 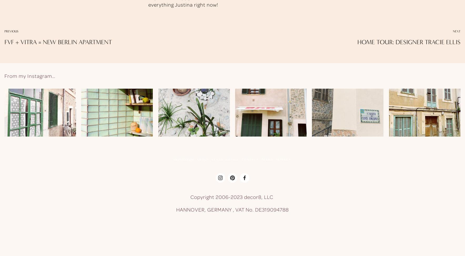 What do you see at coordinates (184, 159) in the screenshot?
I see `'Impressum'` at bounding box center [184, 159].